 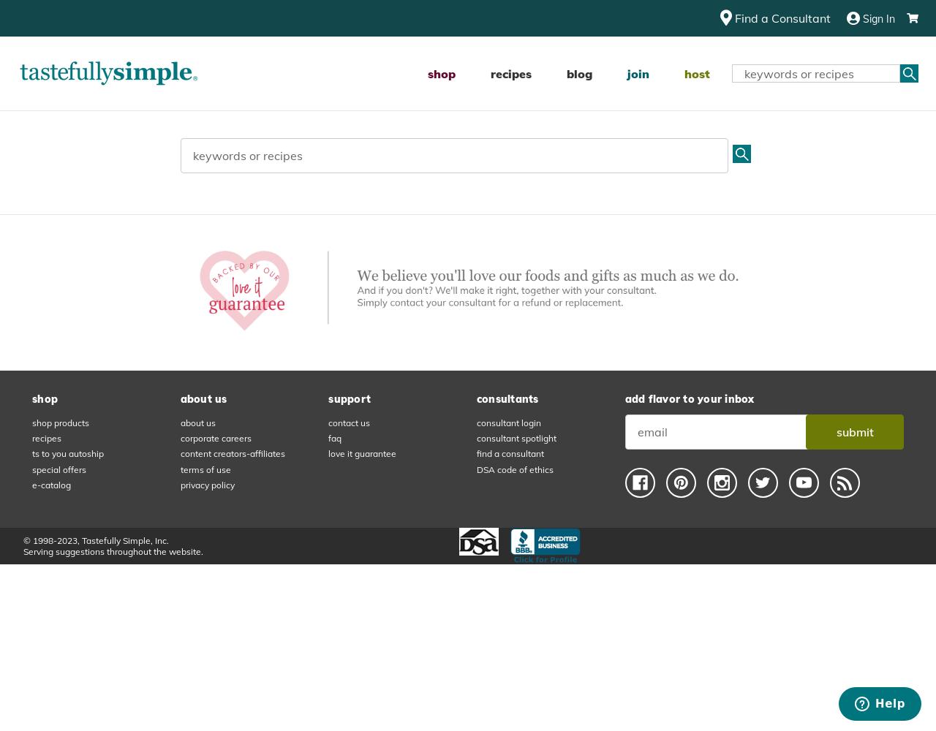 I want to click on 'terms of use', so click(x=204, y=469).